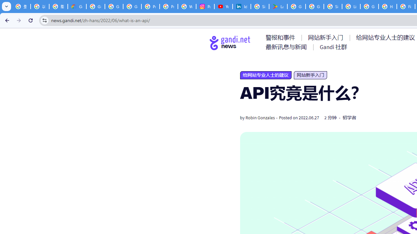 This screenshot has width=417, height=234. I want to click on 'Last Shelter: Survival - Apps on Google Play', so click(278, 6).